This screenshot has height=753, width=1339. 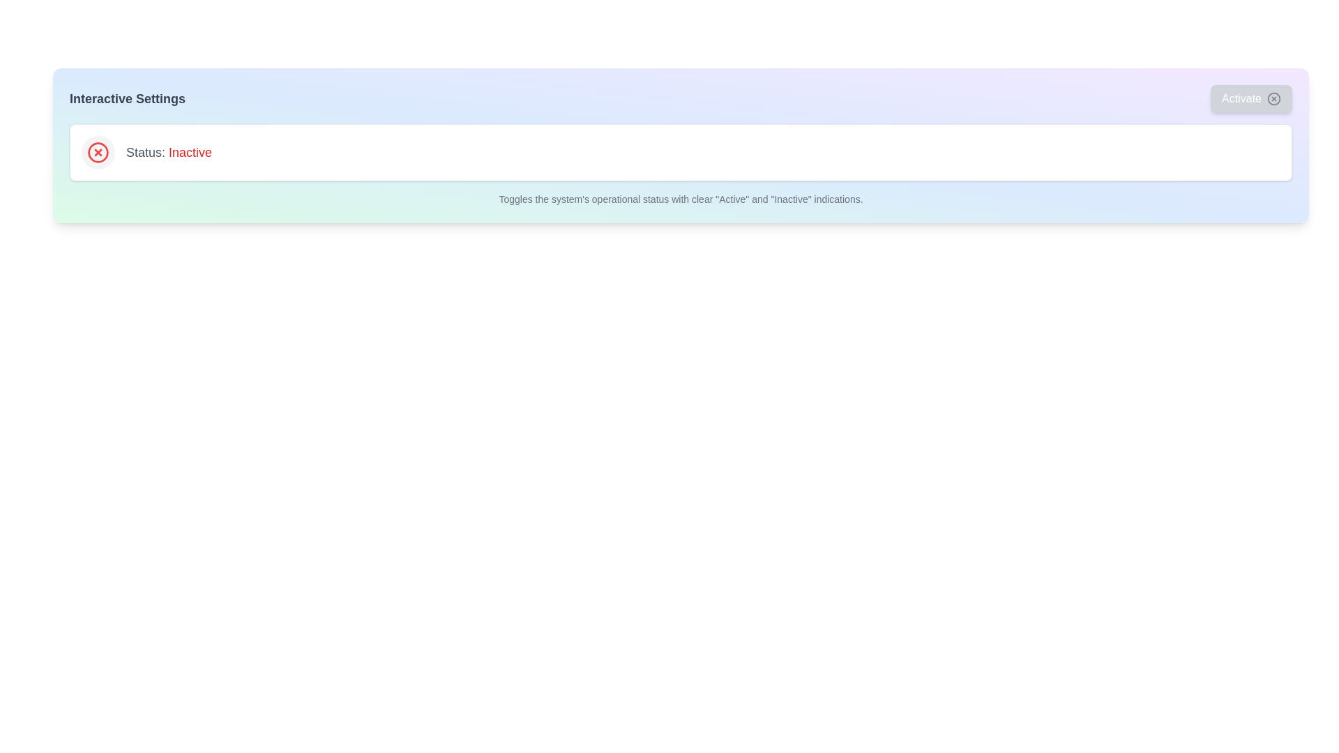 I want to click on the status displayed in the informational block with a red 'X' icon and the text 'Status: Inactive', so click(x=681, y=153).